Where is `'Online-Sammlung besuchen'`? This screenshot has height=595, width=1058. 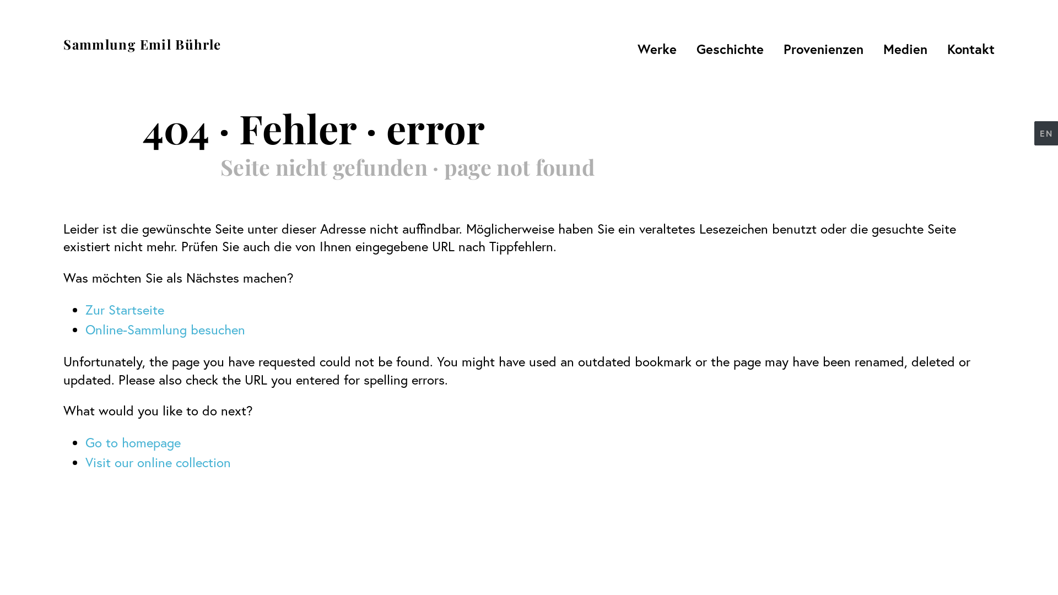
'Online-Sammlung besuchen' is located at coordinates (164, 328).